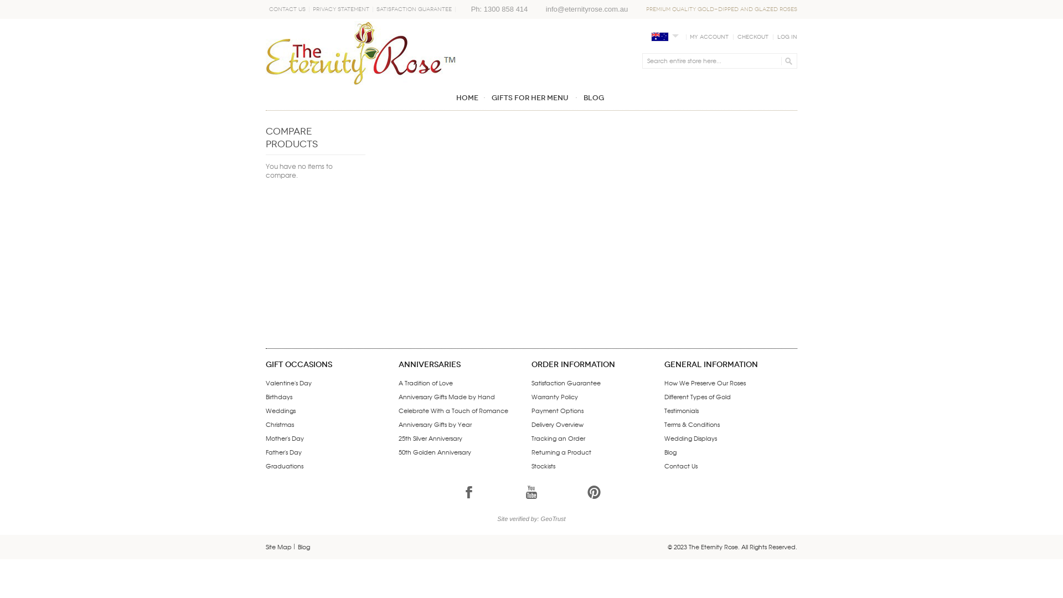 Image resolution: width=1063 pixels, height=598 pixels. I want to click on 'Contact Us', so click(680, 466).